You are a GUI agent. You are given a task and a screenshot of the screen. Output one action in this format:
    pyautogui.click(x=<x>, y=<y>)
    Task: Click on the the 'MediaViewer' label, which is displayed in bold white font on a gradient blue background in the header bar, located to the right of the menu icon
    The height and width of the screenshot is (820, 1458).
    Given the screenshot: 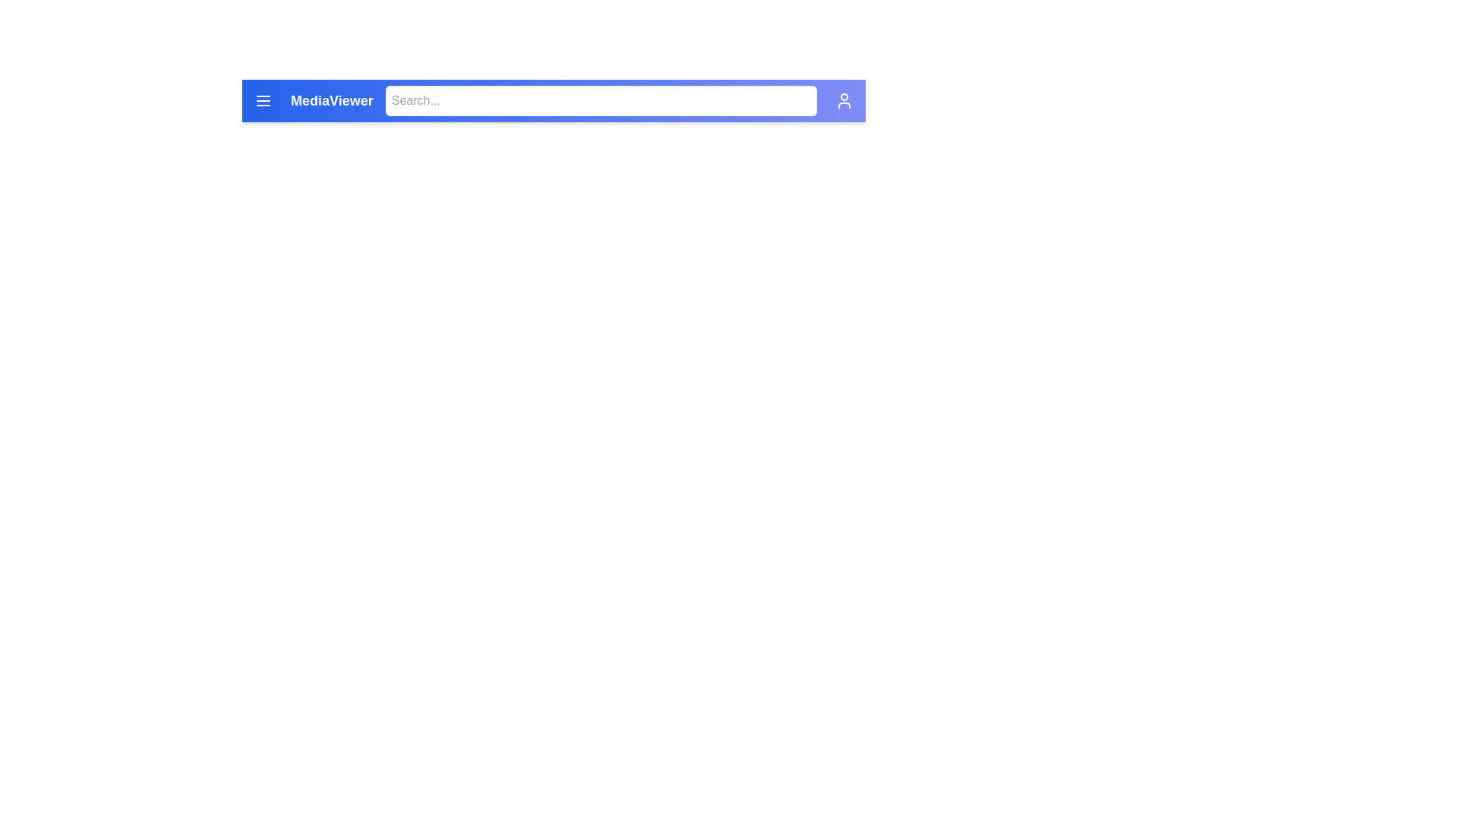 What is the action you would take?
    pyautogui.click(x=310, y=100)
    